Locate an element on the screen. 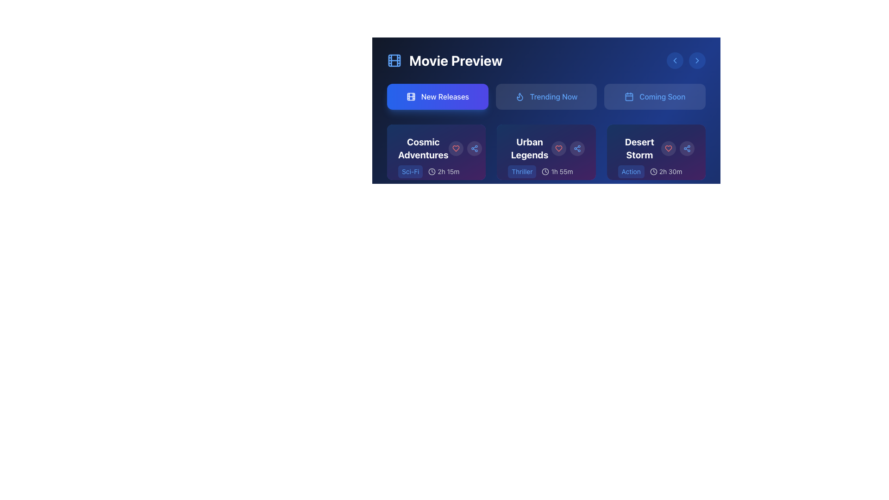  the 'Trending Now' button, which is a rectangular button with a dark semi-transparent background and a flame icon, to observe its hover effects is located at coordinates (546, 96).